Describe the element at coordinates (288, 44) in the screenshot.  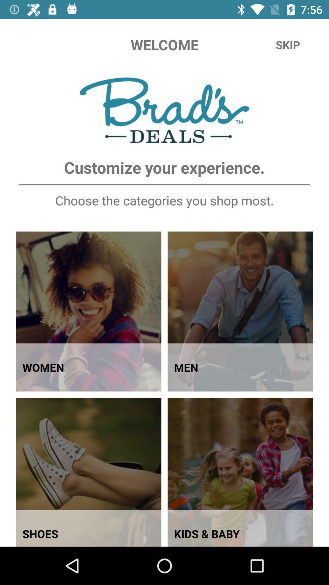
I see `the skip` at that location.